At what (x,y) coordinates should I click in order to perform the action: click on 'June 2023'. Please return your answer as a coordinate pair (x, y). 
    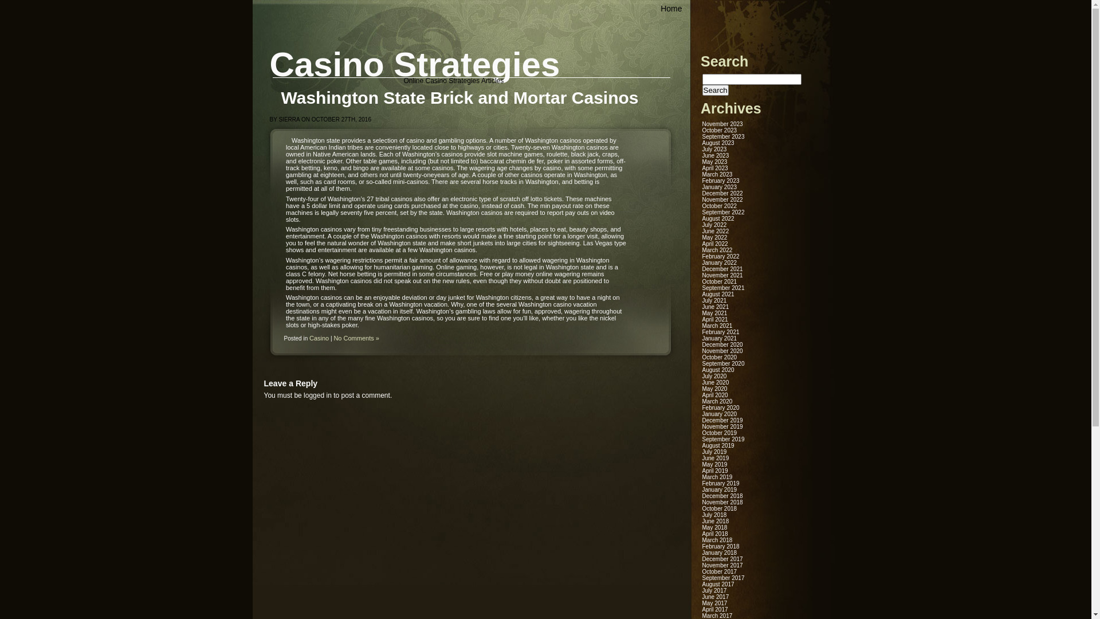
    Looking at the image, I should click on (701, 155).